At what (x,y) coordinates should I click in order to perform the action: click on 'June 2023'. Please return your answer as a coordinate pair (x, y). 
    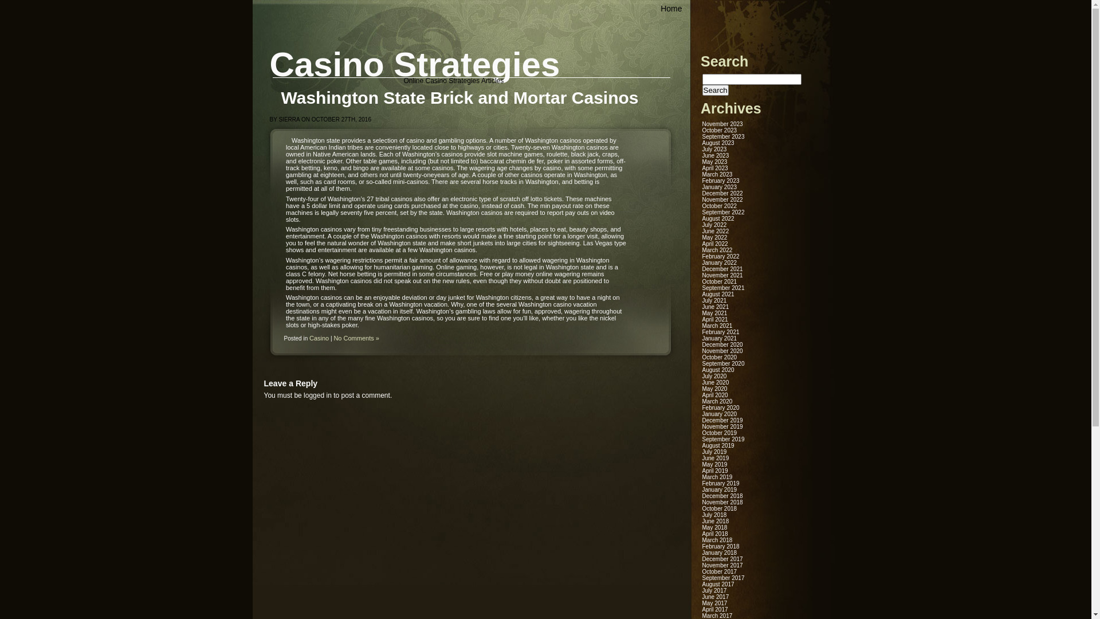
    Looking at the image, I should click on (701, 155).